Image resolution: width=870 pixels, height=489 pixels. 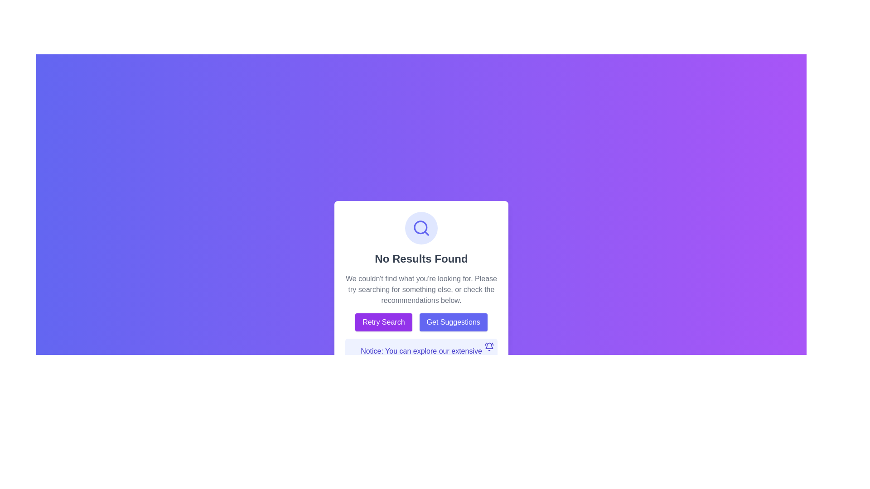 What do you see at coordinates (420, 227) in the screenshot?
I see `the SVG circle element representing the lens area of the magnifying glass icon at the top of the modal containing the 'No Results Found' message` at bounding box center [420, 227].